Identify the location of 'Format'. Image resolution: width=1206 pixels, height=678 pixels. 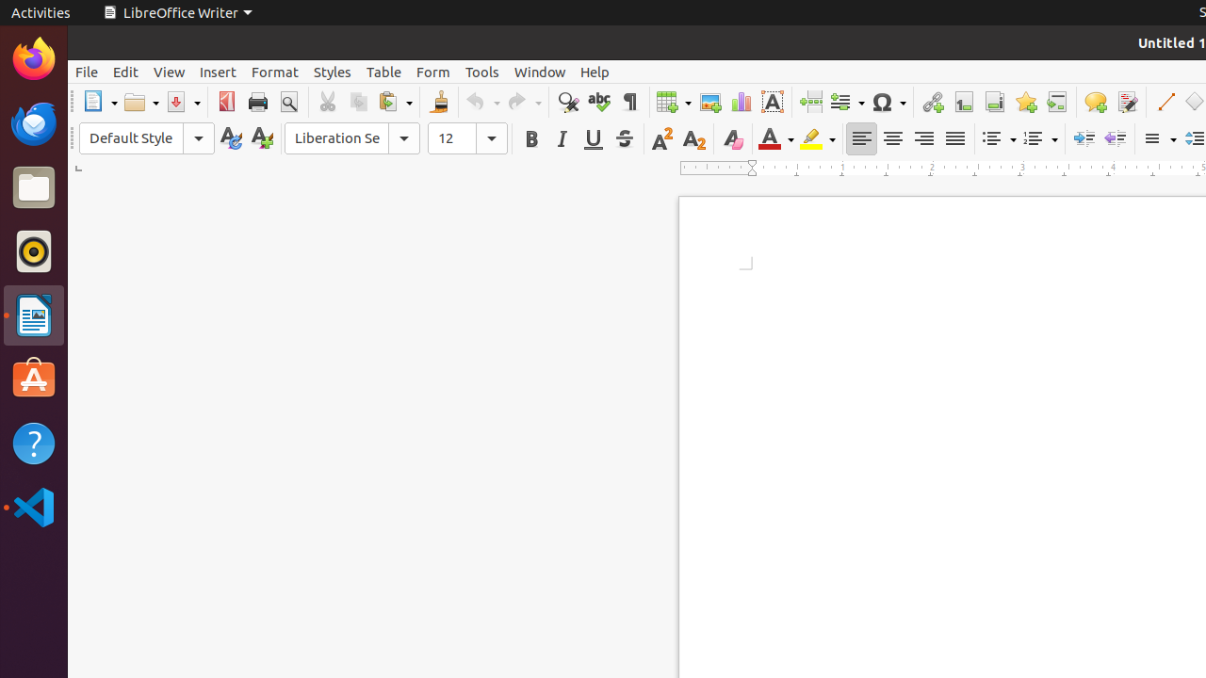
(273, 71).